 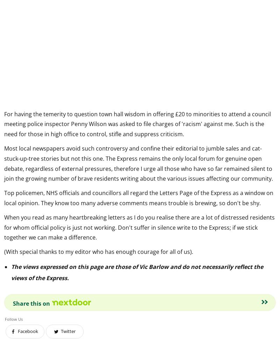 I want to click on 'Follow Us', so click(x=13, y=319).